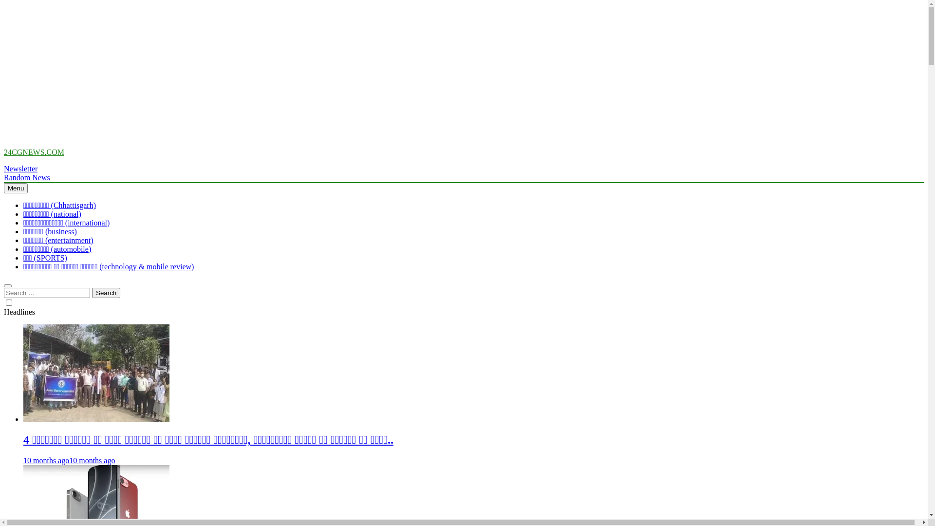 The height and width of the screenshot is (526, 935). What do you see at coordinates (34, 152) in the screenshot?
I see `'24CGNEWS.COM'` at bounding box center [34, 152].